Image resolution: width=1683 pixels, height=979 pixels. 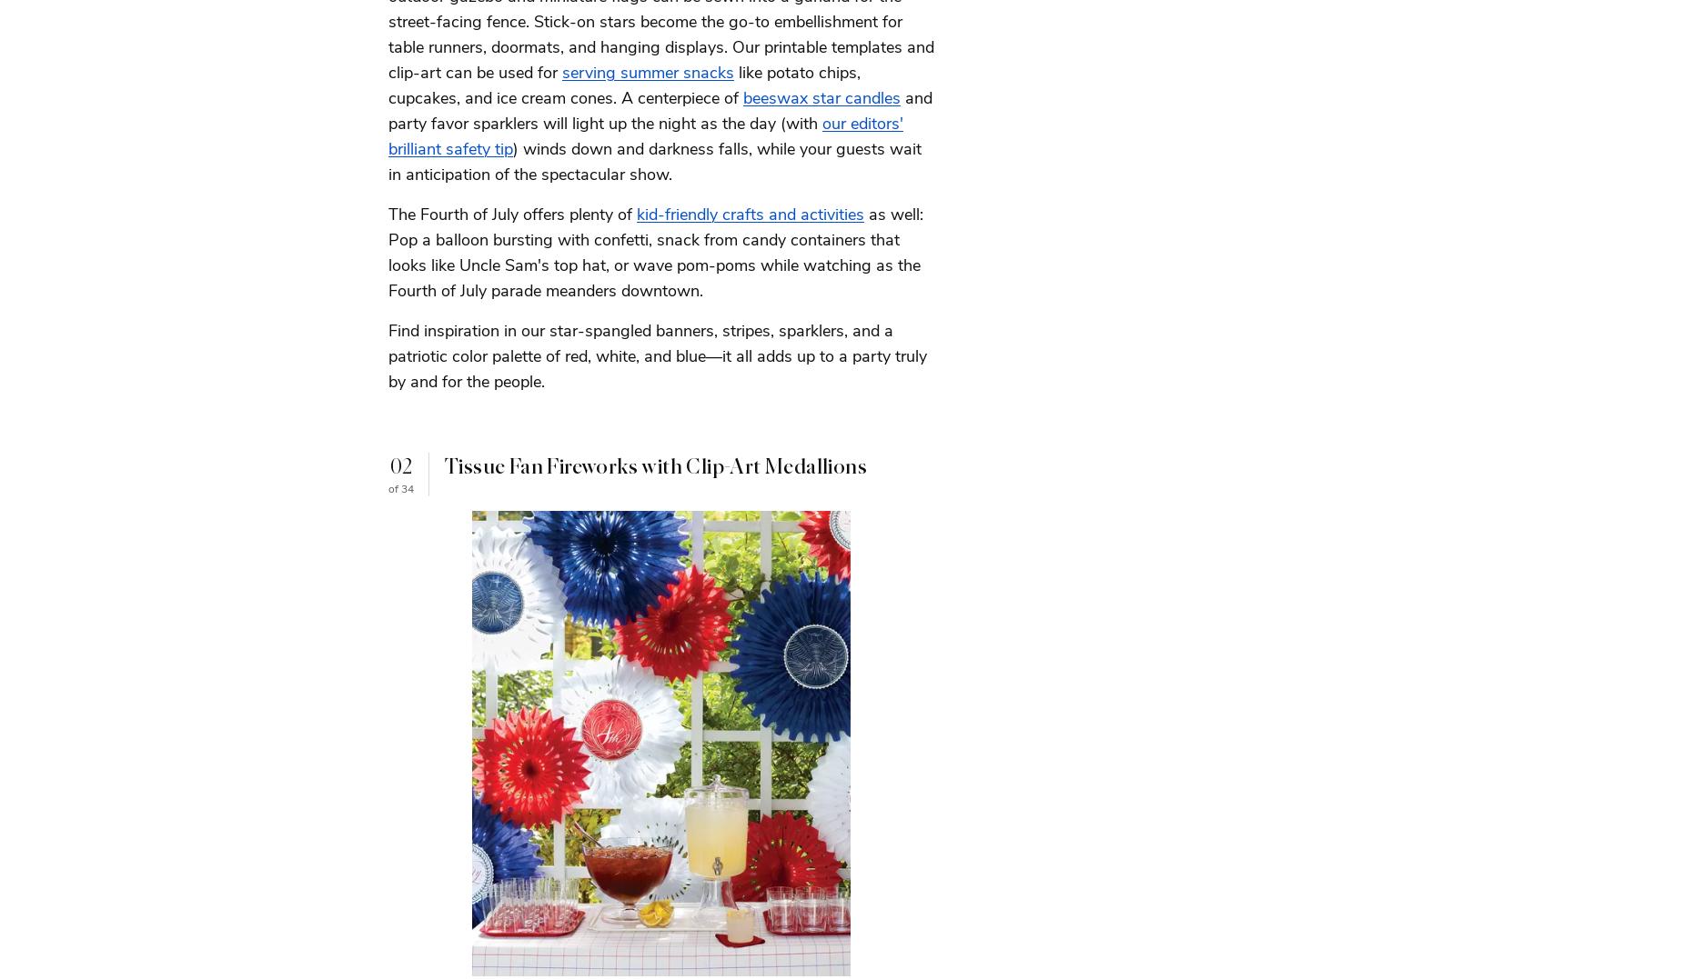 I want to click on 'beeswax star candles', so click(x=821, y=96).